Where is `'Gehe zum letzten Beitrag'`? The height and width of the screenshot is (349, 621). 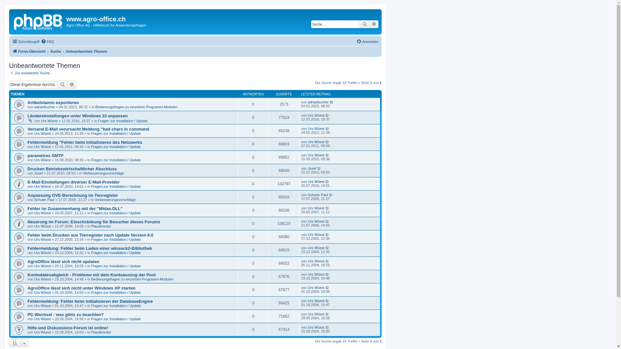
'Gehe zum letzten Beitrag' is located at coordinates (327, 234).